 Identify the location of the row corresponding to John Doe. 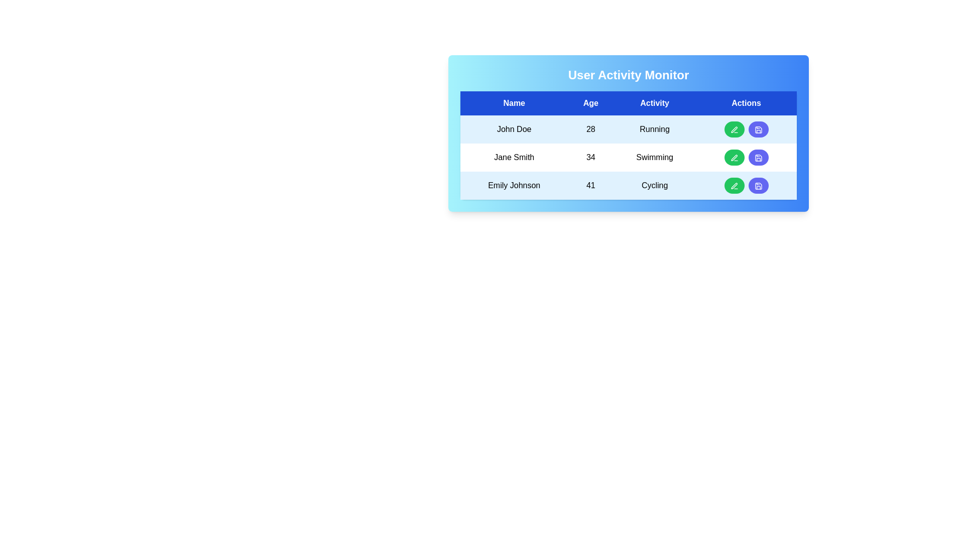
(628, 129).